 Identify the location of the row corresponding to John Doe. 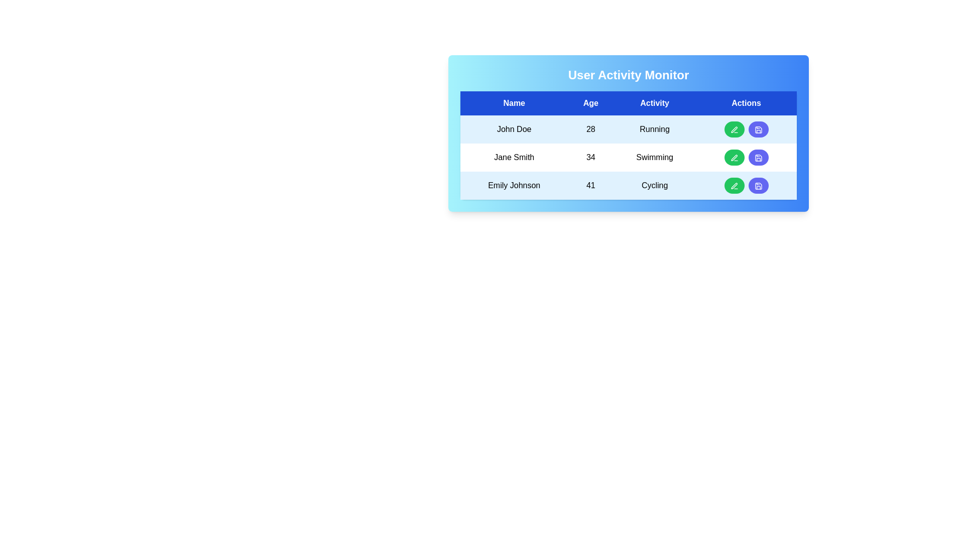
(628, 129).